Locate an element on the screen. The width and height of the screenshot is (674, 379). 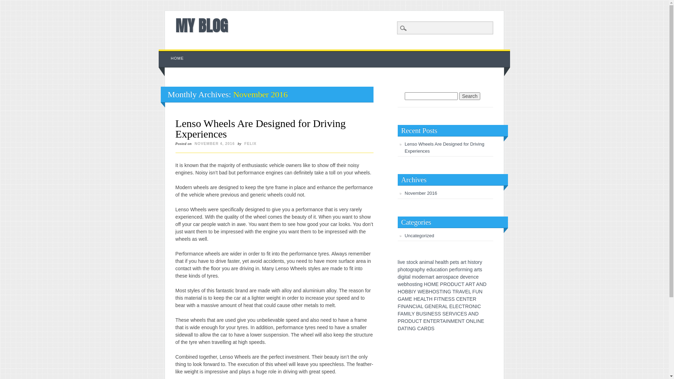
'g' is located at coordinates (411, 269).